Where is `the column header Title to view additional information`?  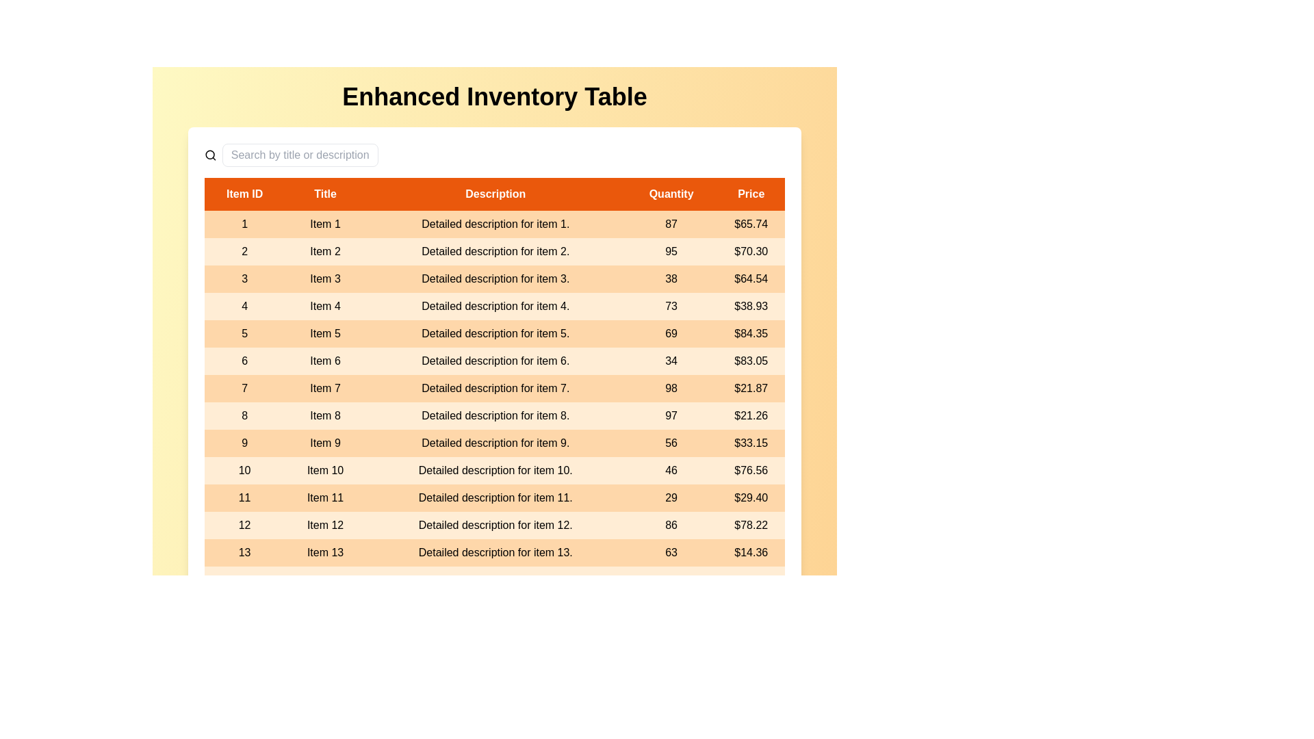
the column header Title to view additional information is located at coordinates (324, 194).